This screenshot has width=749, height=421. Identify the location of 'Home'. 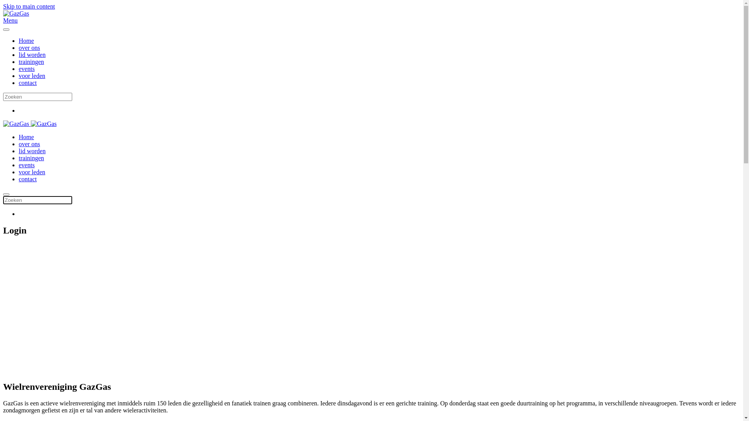
(26, 136).